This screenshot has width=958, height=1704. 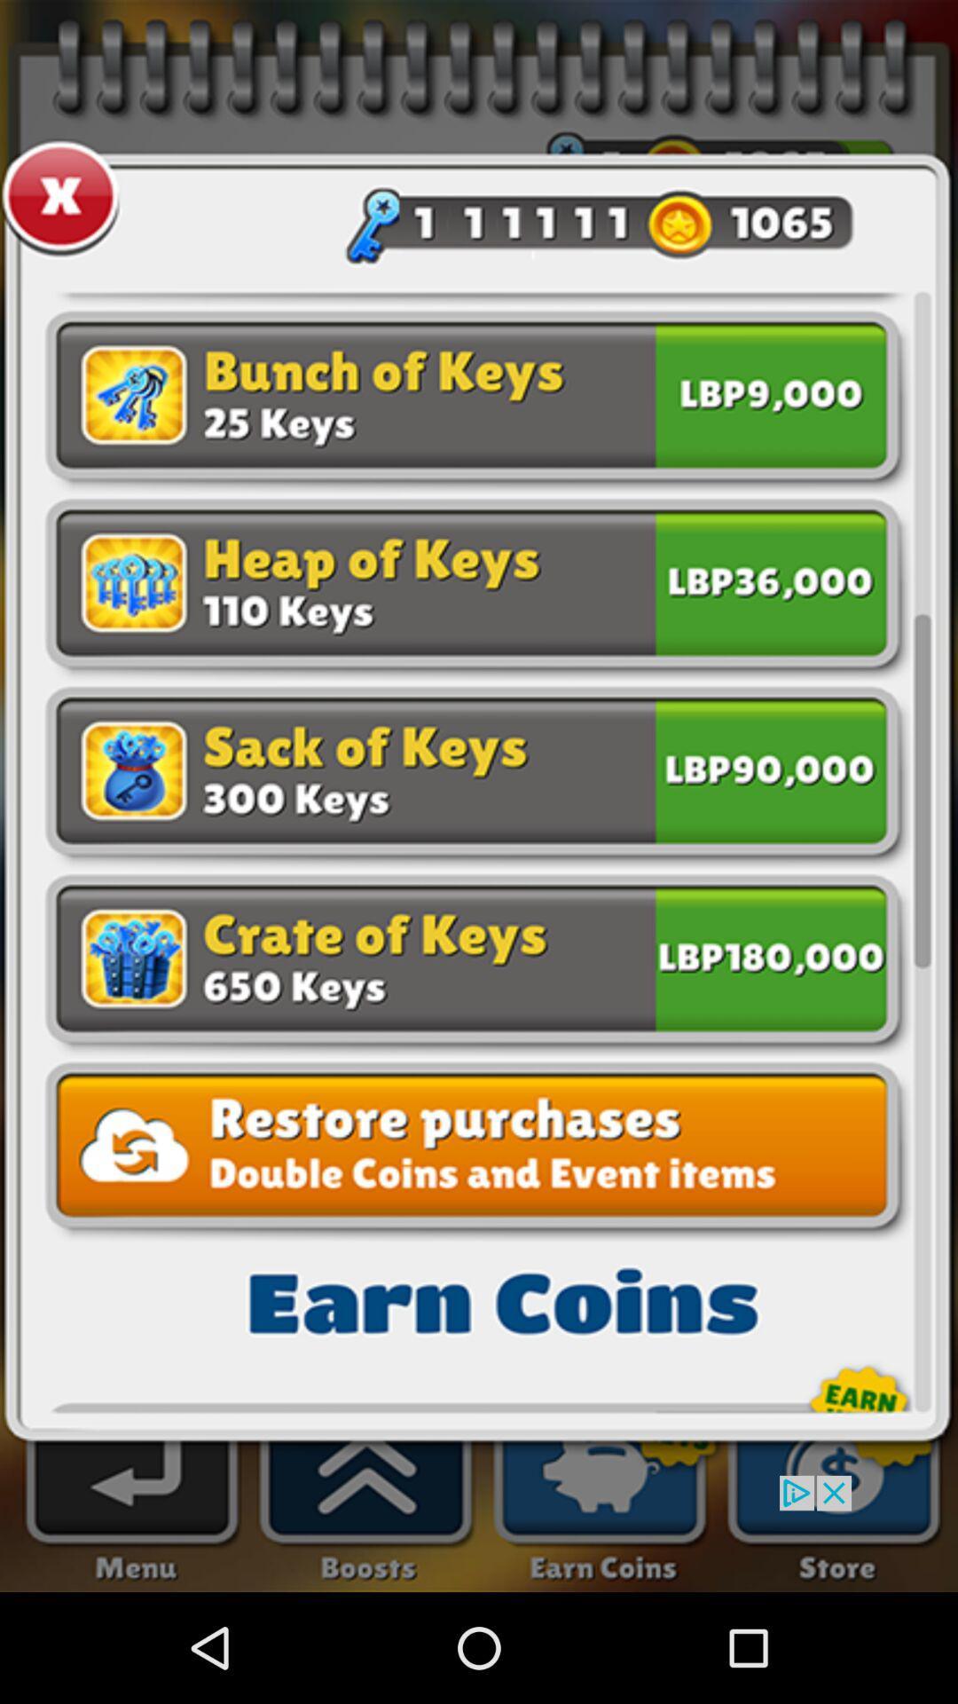 I want to click on buy bunch of keys for lbp 9,000, so click(x=770, y=398).